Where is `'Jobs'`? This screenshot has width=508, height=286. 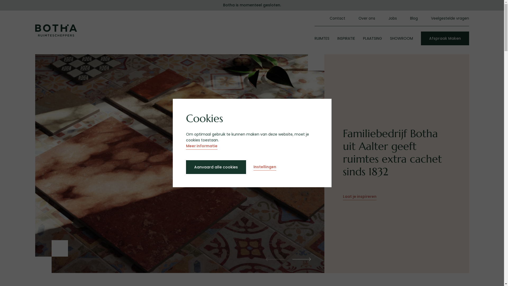 'Jobs' is located at coordinates (392, 18).